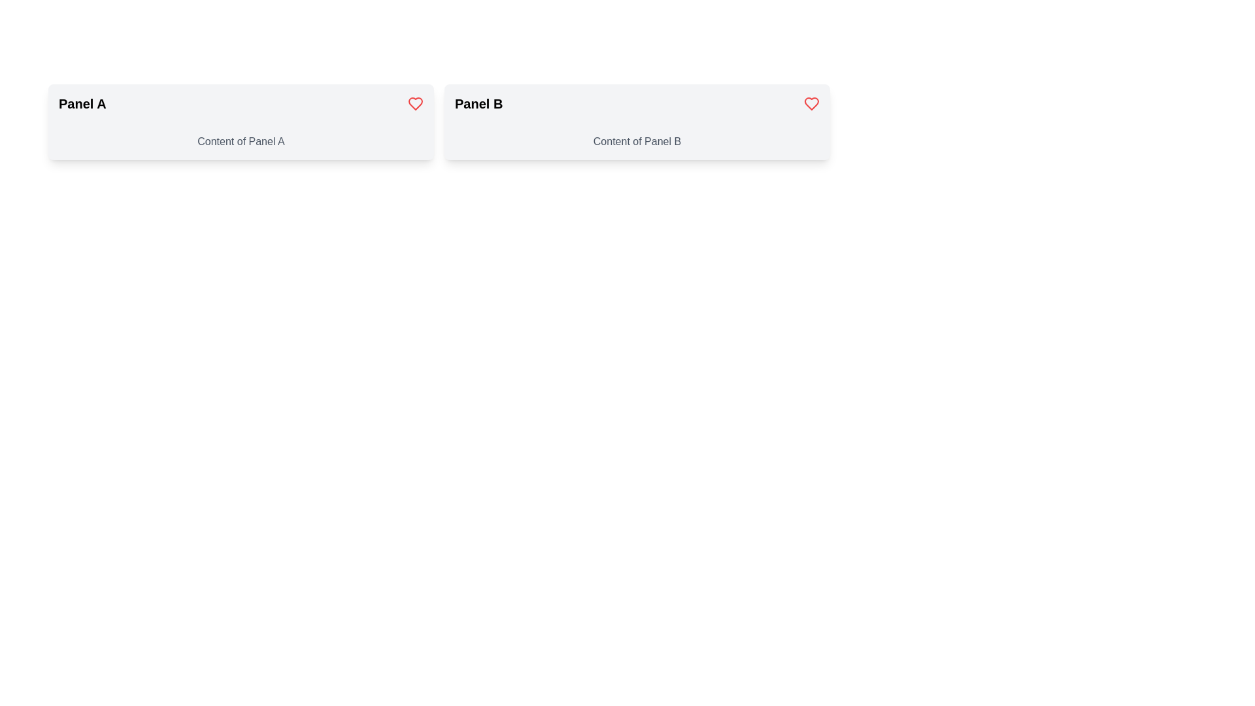 The height and width of the screenshot is (706, 1255). Describe the element at coordinates (414, 103) in the screenshot. I see `the heart icon located at the far right within the top bar of 'Panel A', next to the text 'Panel A'` at that location.